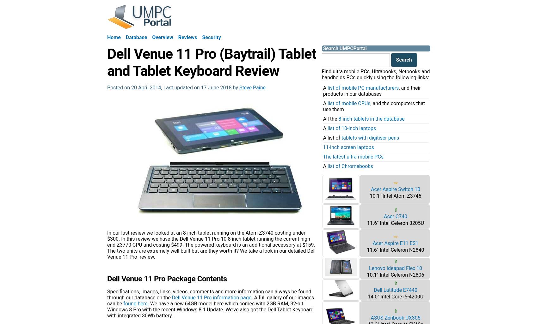 The height and width of the screenshot is (324, 535). What do you see at coordinates (330, 118) in the screenshot?
I see `'All the'` at bounding box center [330, 118].